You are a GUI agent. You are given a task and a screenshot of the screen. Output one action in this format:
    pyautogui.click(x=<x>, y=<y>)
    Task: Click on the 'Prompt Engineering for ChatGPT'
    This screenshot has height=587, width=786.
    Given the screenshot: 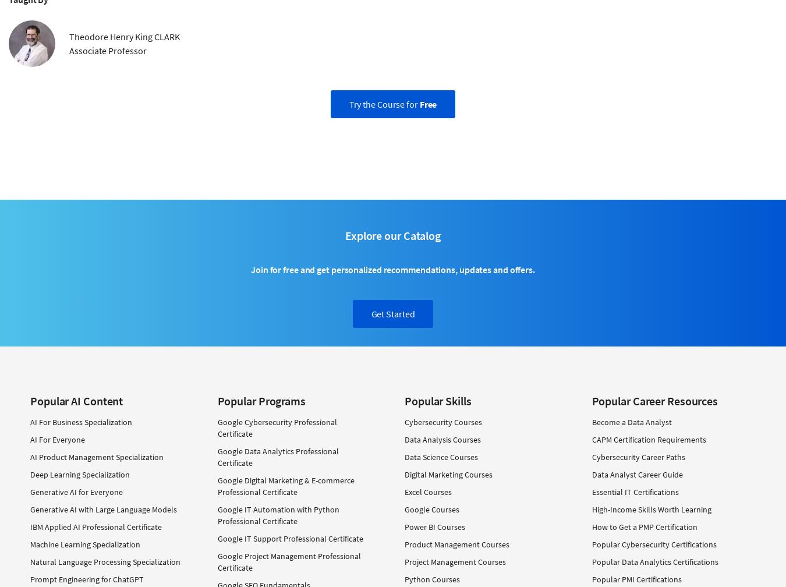 What is the action you would take?
    pyautogui.click(x=87, y=578)
    